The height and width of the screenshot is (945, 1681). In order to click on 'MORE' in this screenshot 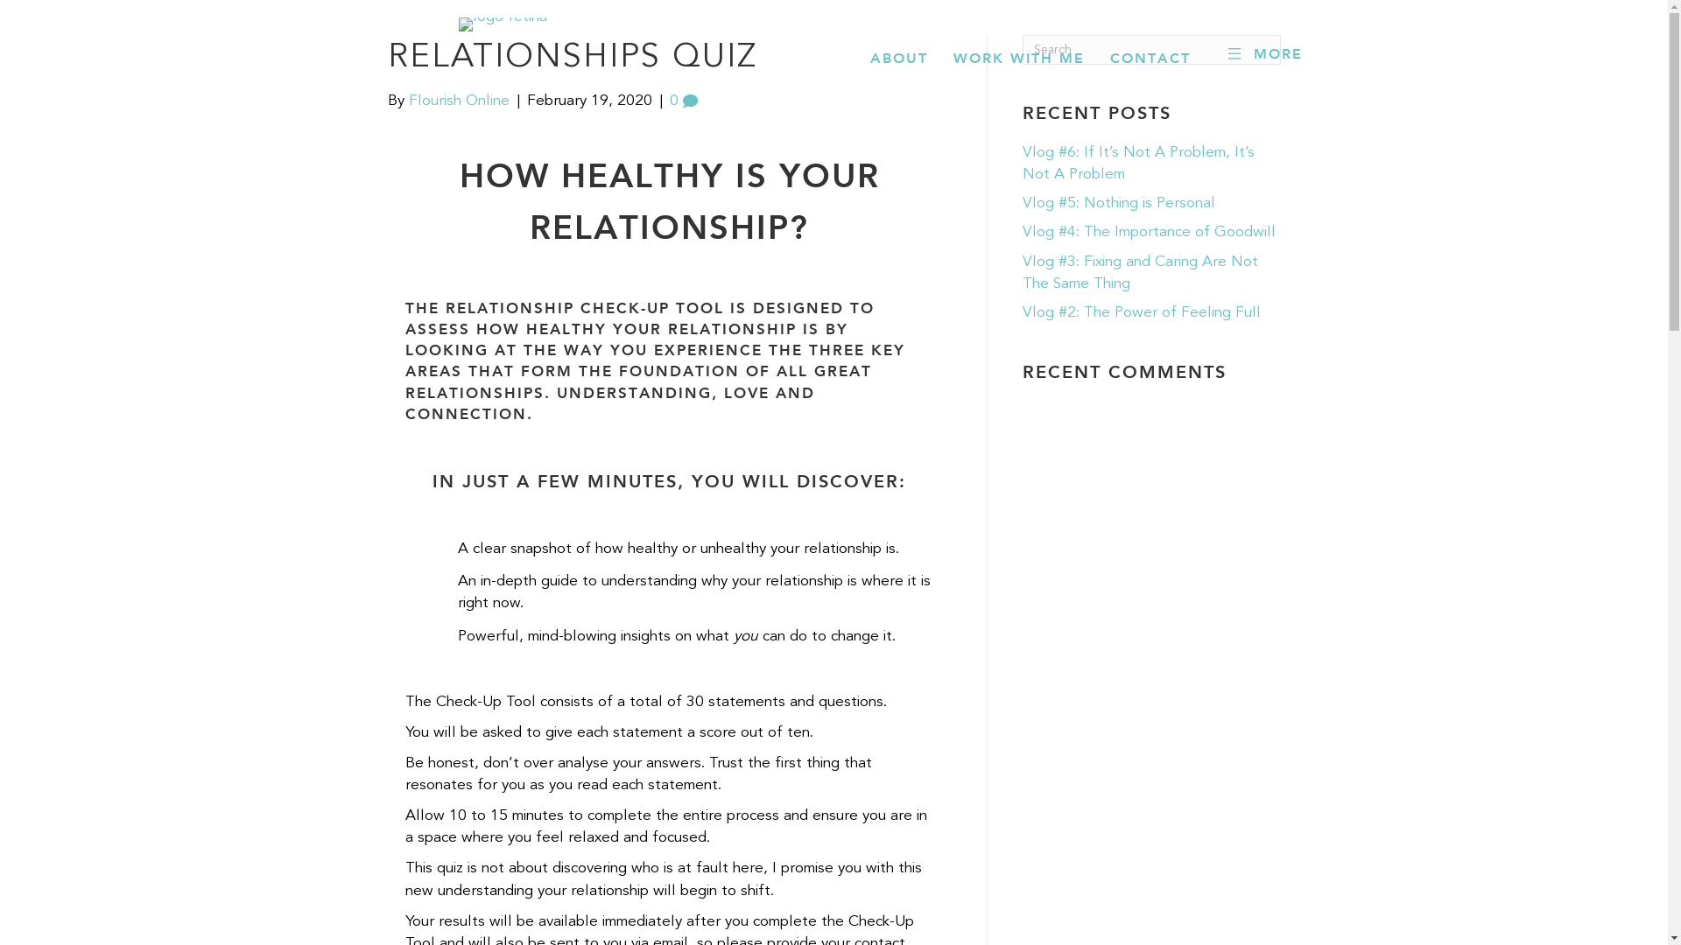, I will do `click(1213, 52)`.